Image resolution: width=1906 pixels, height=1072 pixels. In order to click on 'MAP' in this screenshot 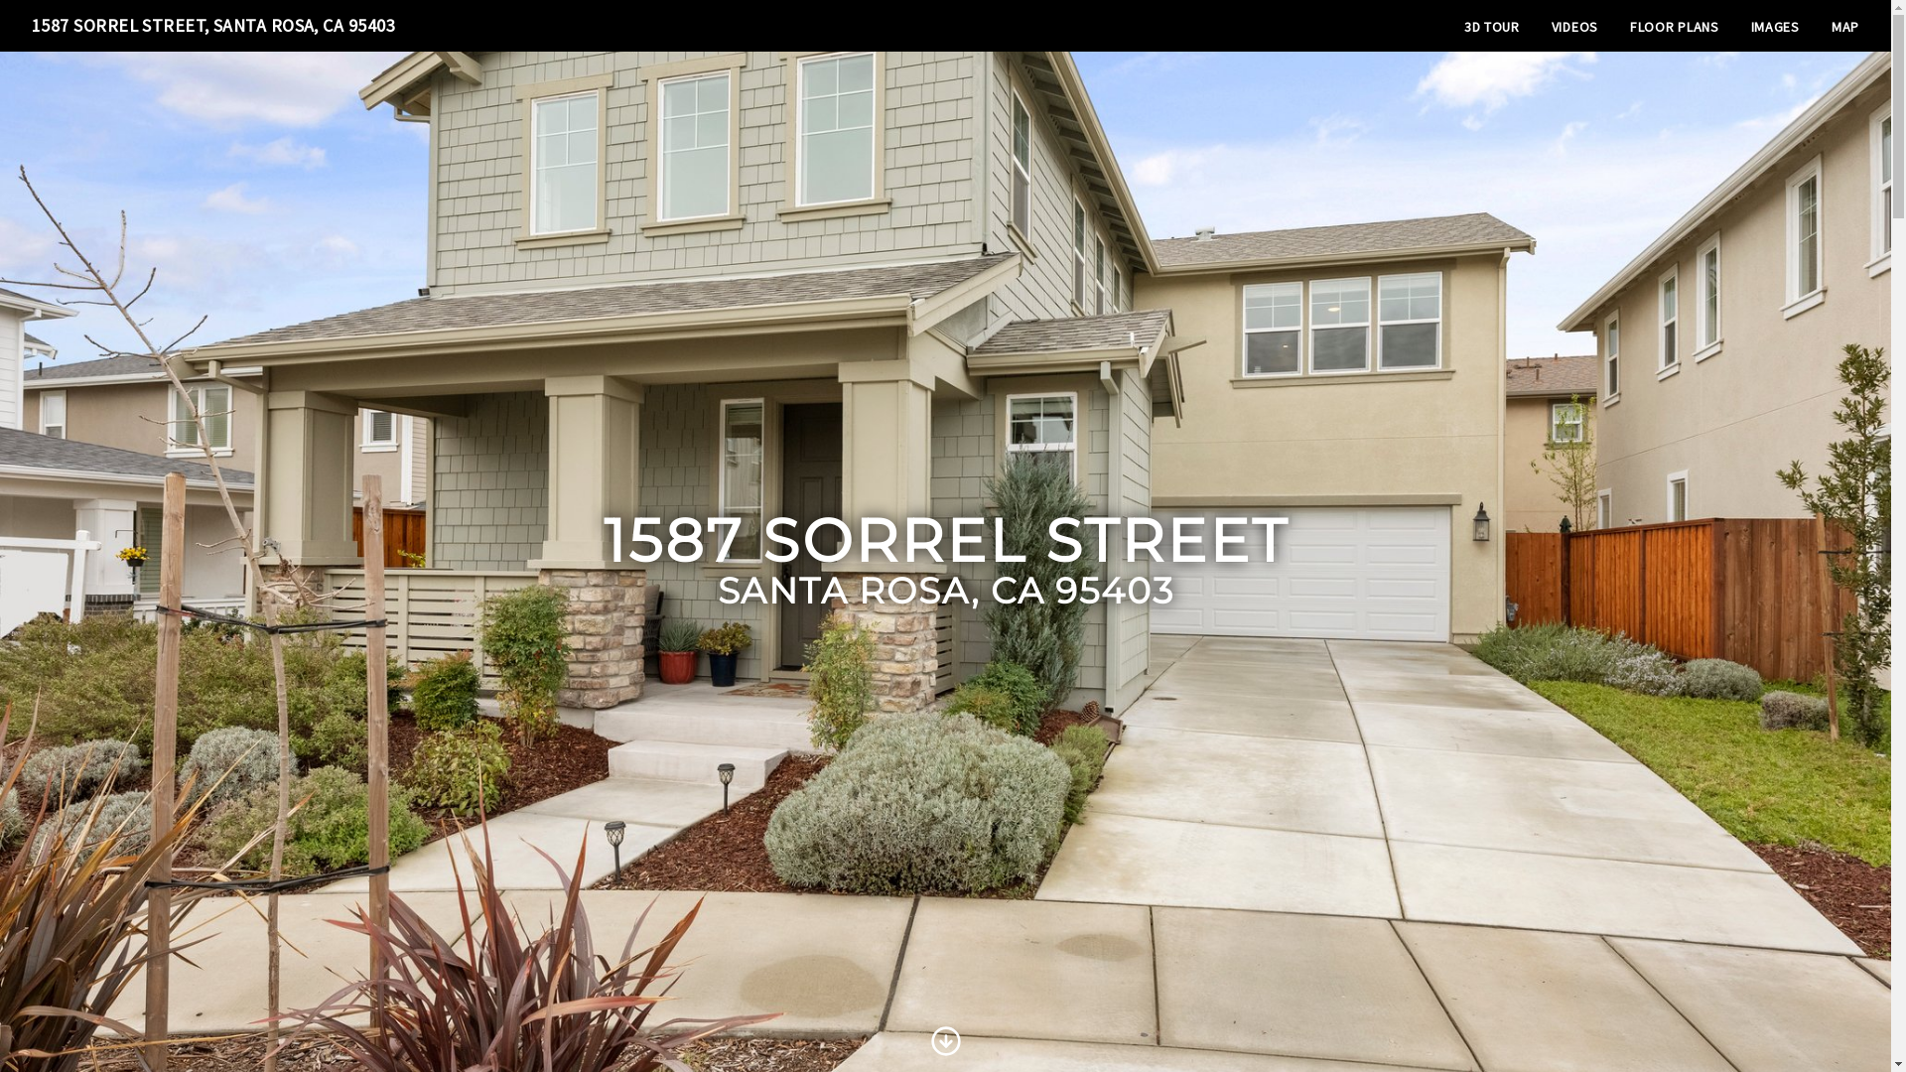, I will do `click(1843, 27)`.